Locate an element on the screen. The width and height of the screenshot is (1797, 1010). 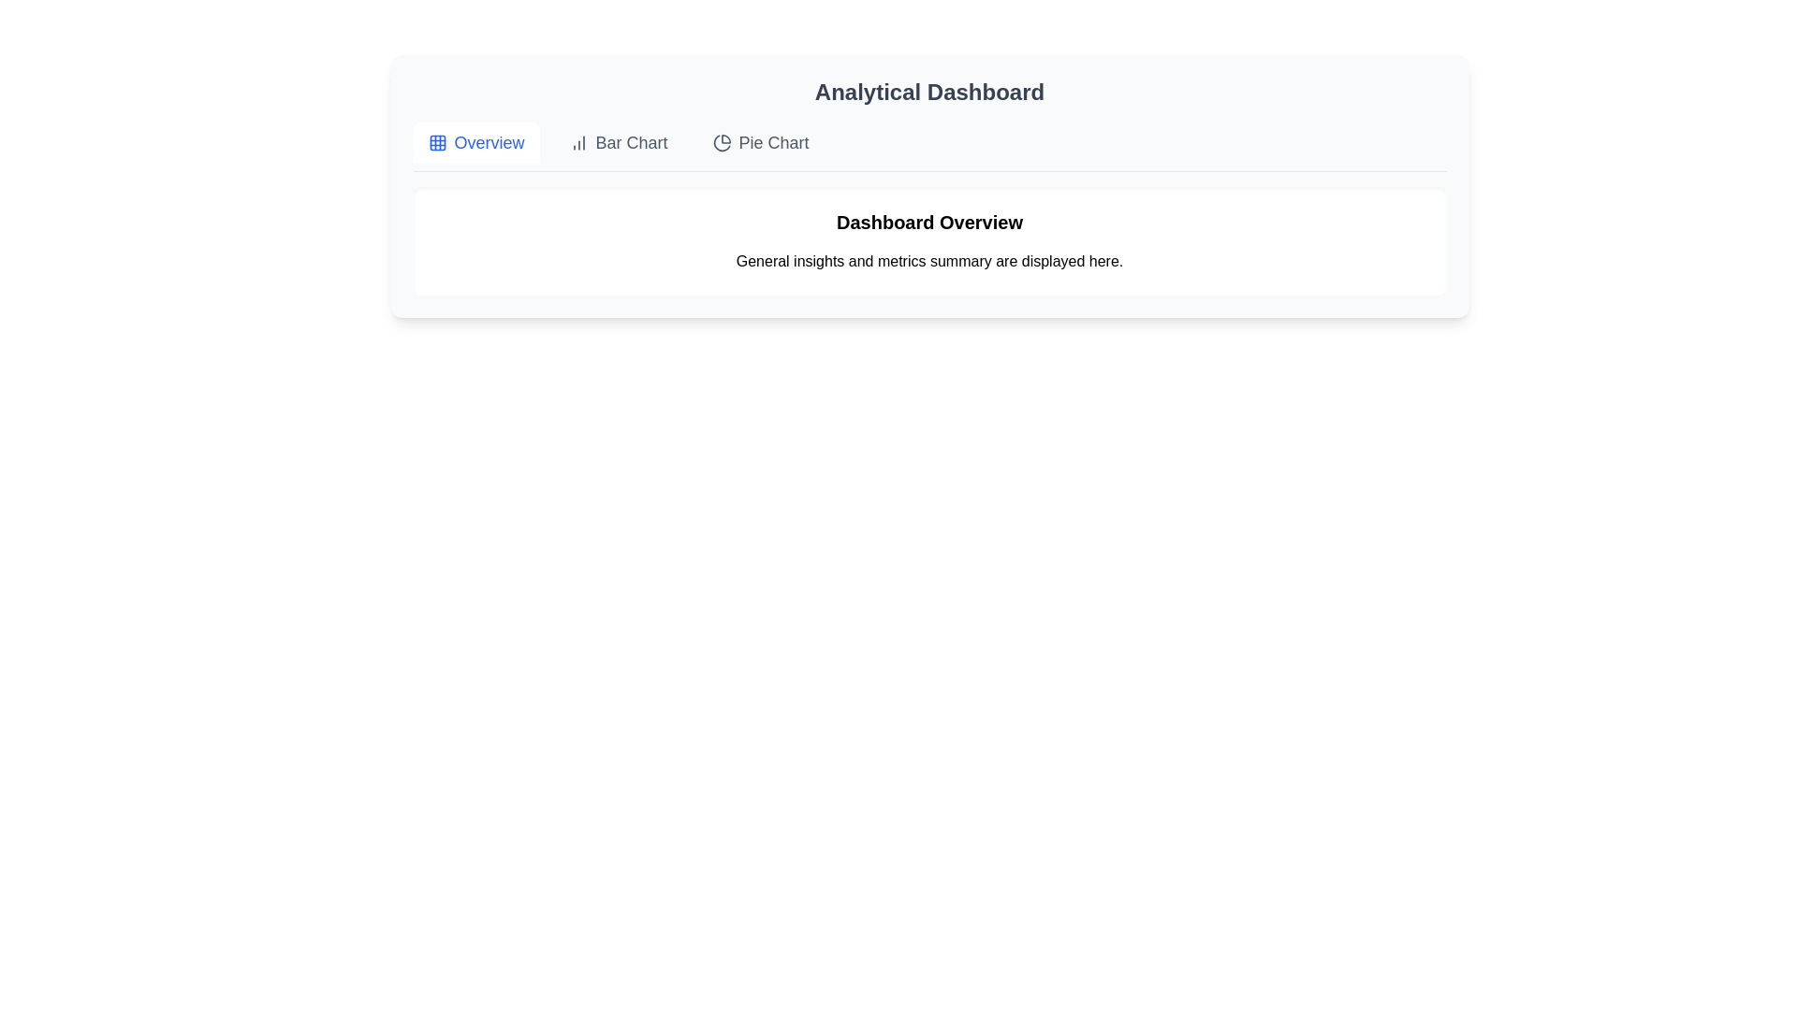
the visual state of the top-left sub-section of the grid icon located within the navigation bar, which is part of an interactive grid layout representing dashboard navigation is located at coordinates (436, 142).